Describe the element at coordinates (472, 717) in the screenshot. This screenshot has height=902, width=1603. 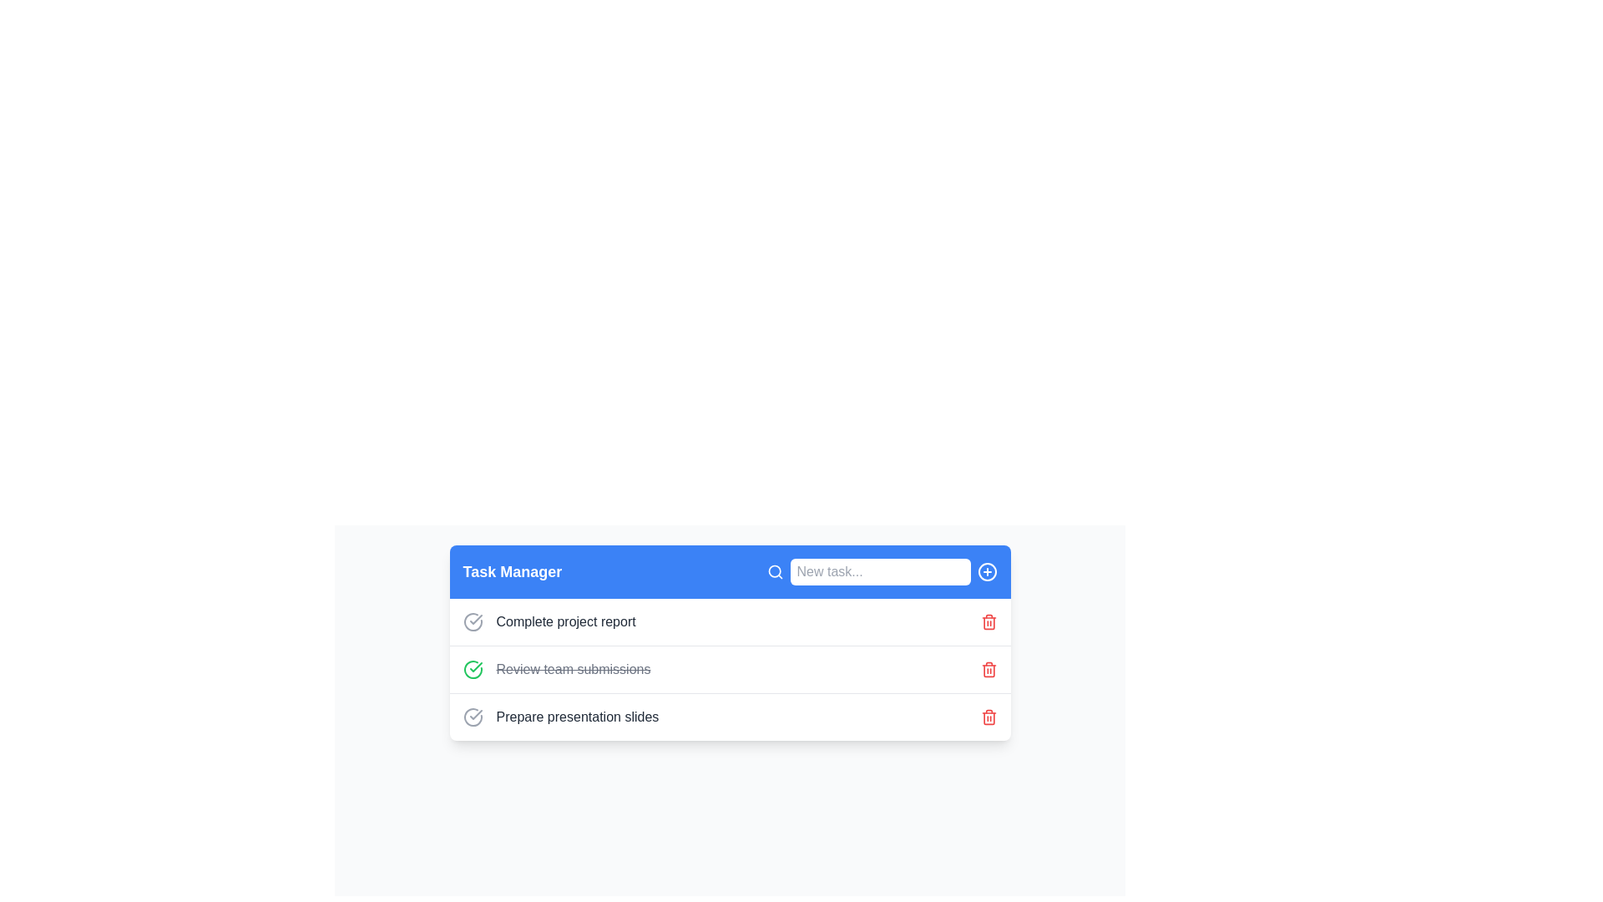
I see `the Checkbox-like icon that indicates the completion status of the task 'Prepare presentation slides' located on the leftmost side of the task entry` at that location.